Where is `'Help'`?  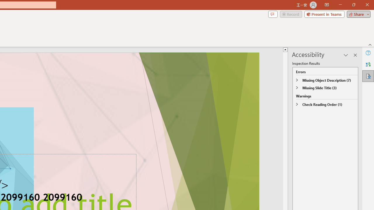 'Help' is located at coordinates (368, 53).